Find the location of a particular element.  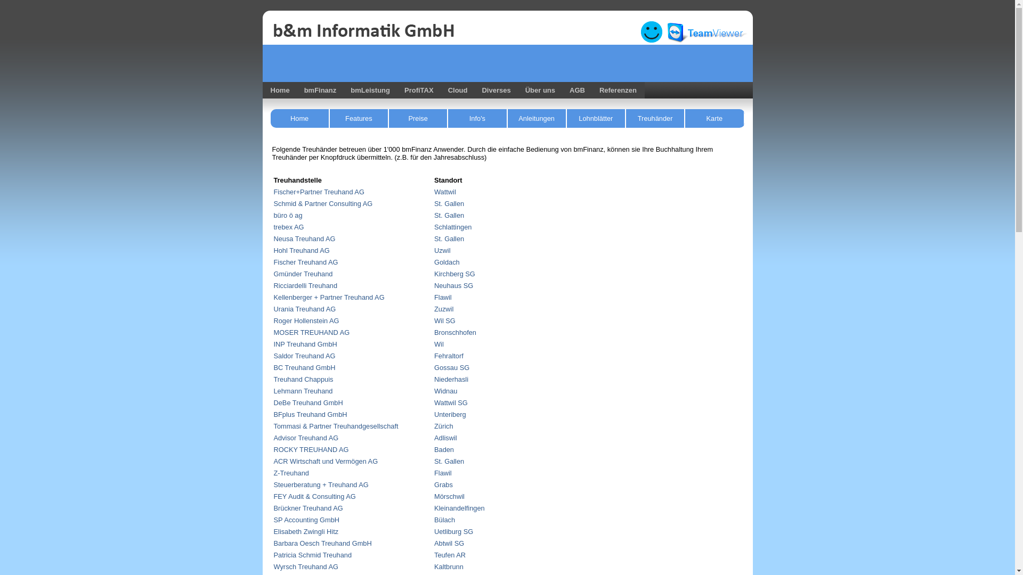

'Kellenberger + Partner Treuhand AG' is located at coordinates (329, 297).